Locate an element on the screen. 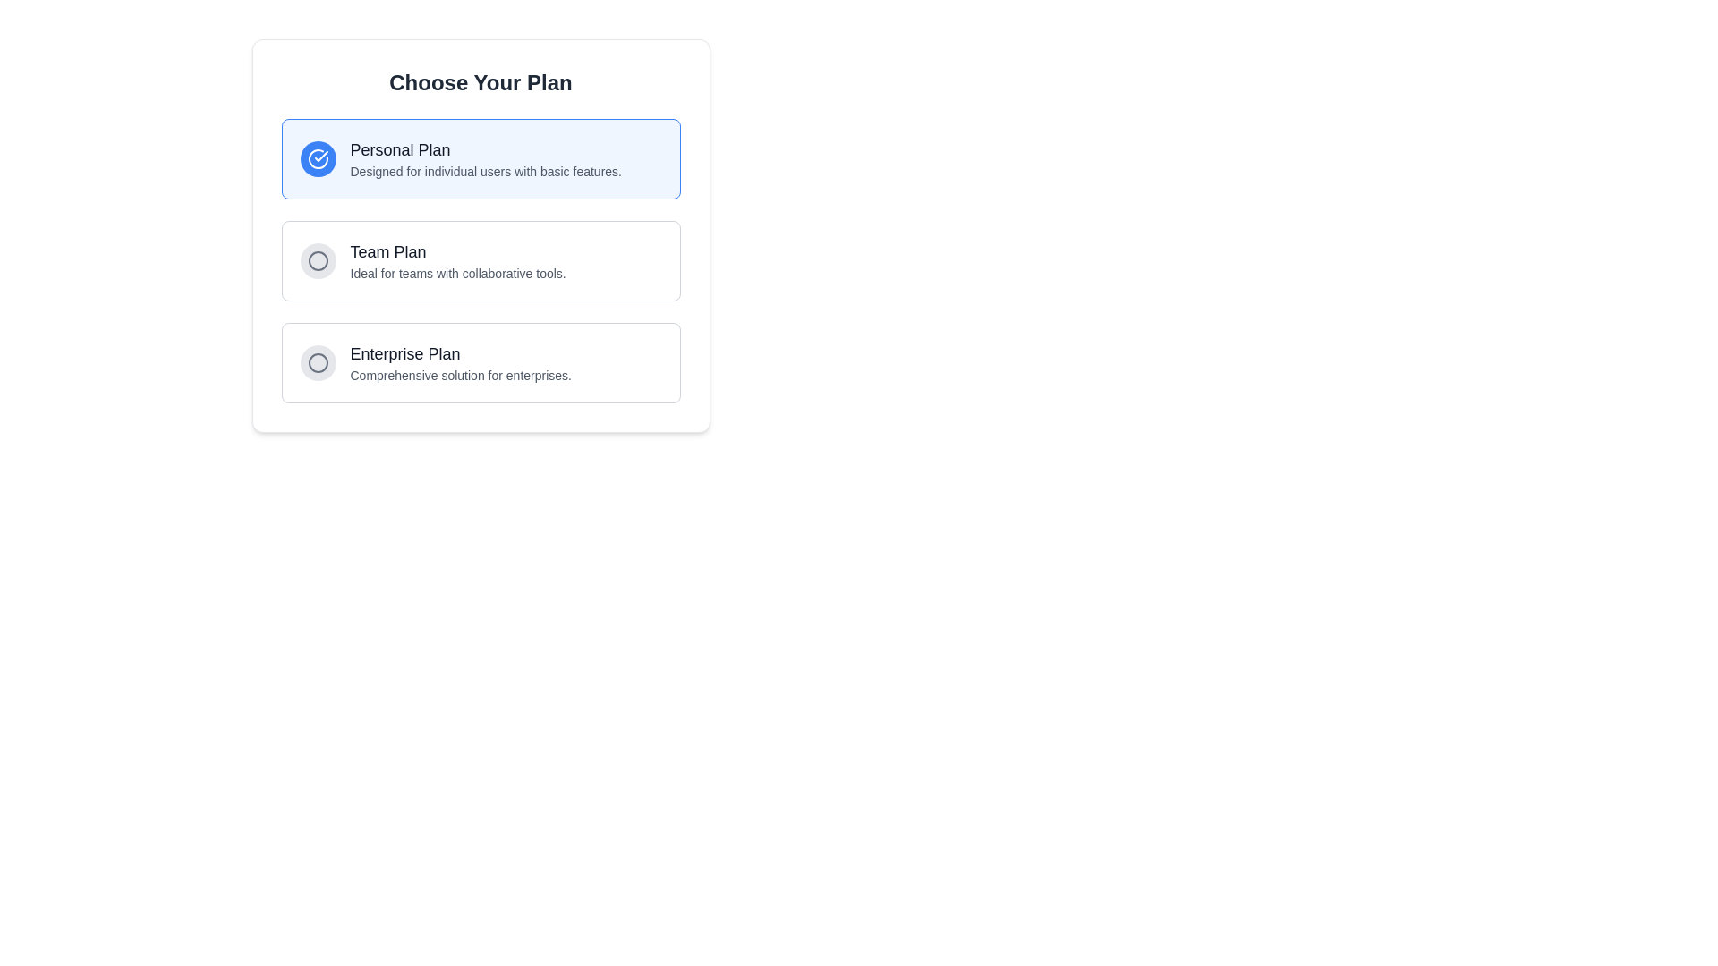  the small circular Selectable indicator icon with a gray outline and lighter gray background located at the left edge of the 'Enterprise Plan' option is located at coordinates (318, 362).